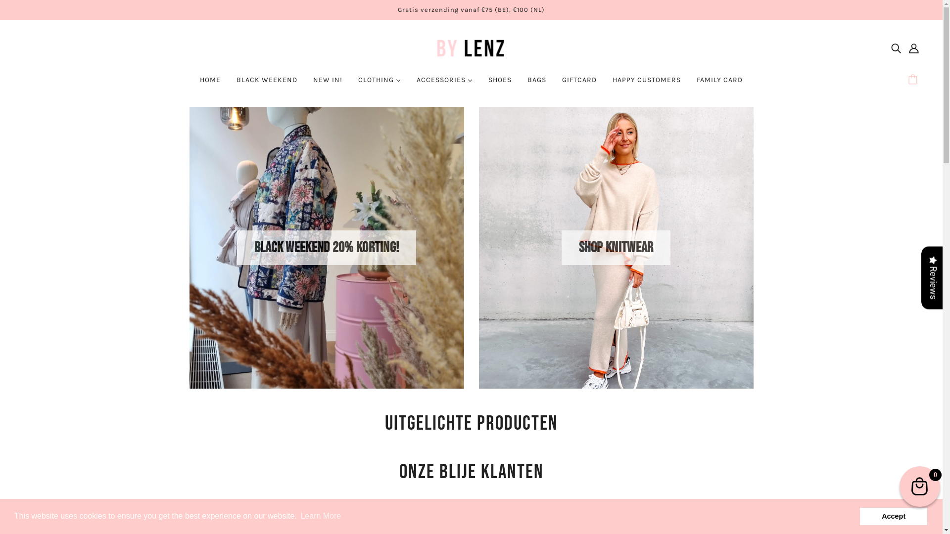  Describe the element at coordinates (858, 516) in the screenshot. I see `'Accept'` at that location.